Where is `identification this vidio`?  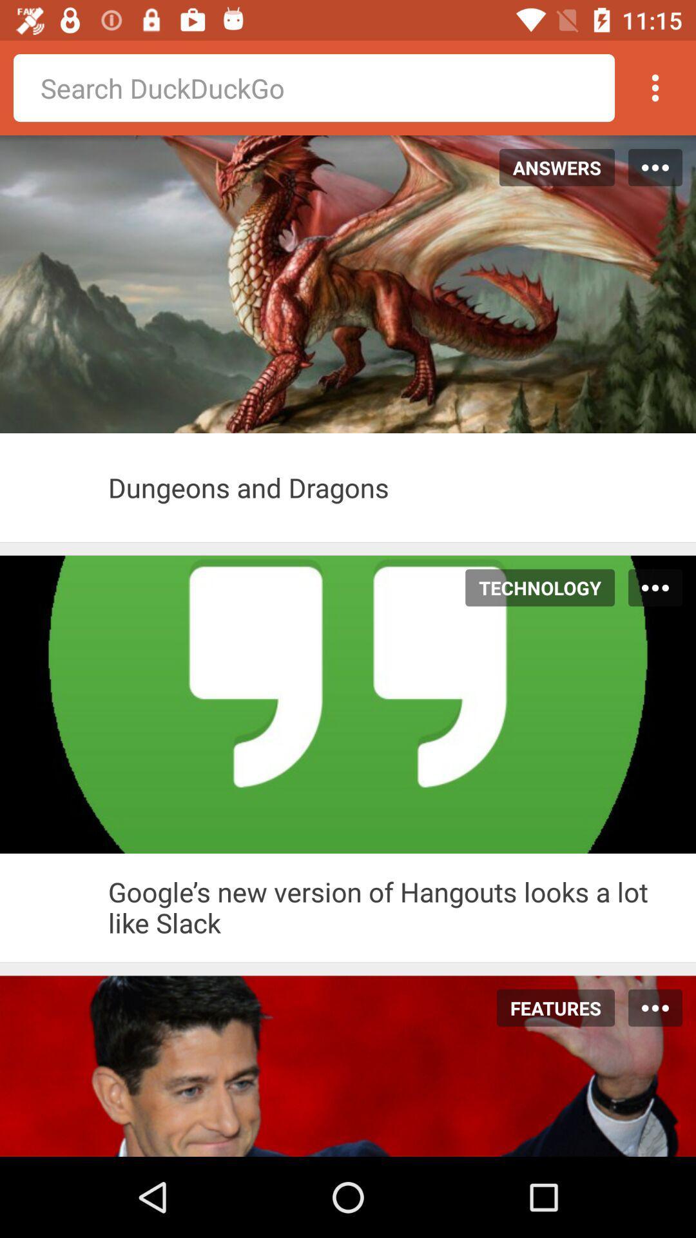
identification this vidio is located at coordinates (53, 907).